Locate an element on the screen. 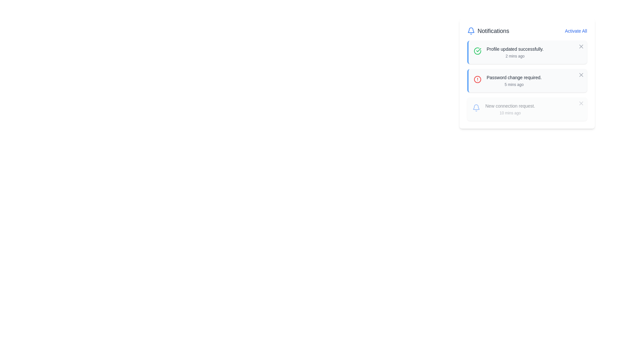  the clickable link in the Notifications card located at the top-right corner, adjacent to the Notifications title and bell icon, to observe potential styling changes is located at coordinates (576, 31).